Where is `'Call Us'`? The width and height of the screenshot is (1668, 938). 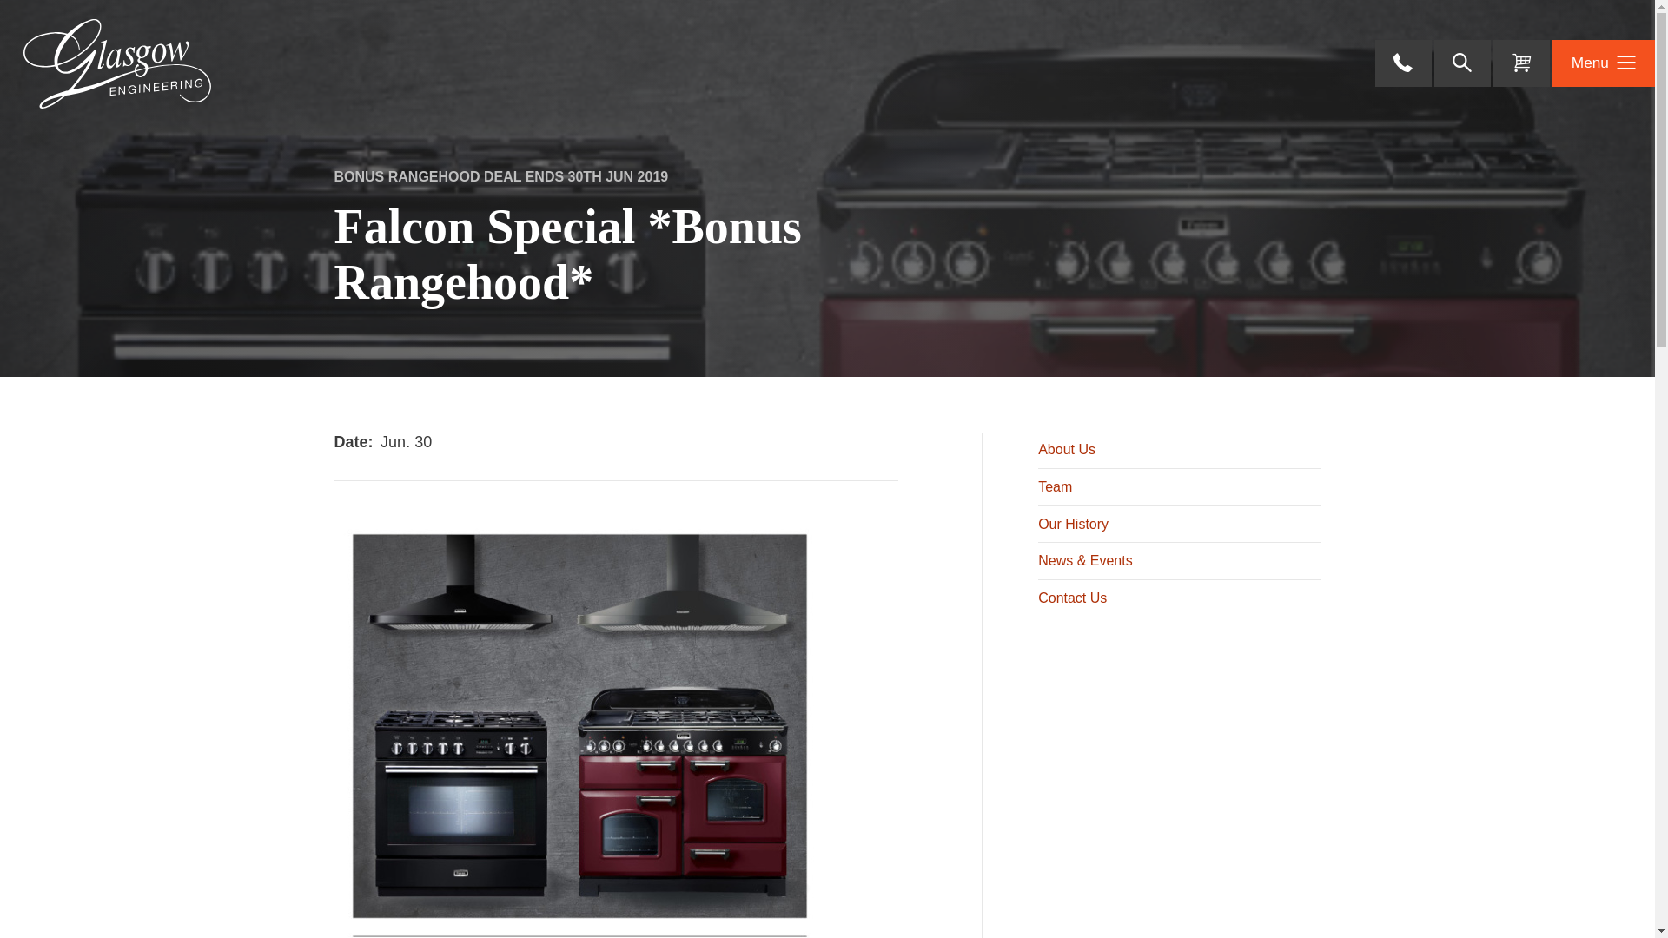
'Call Us' is located at coordinates (1403, 63).